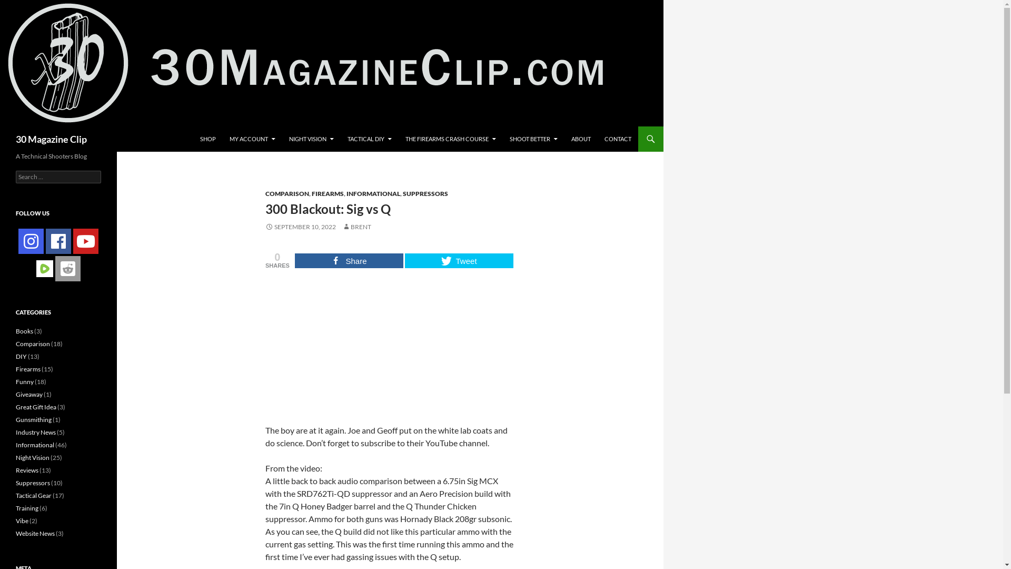 The image size is (1011, 569). What do you see at coordinates (287, 193) in the screenshot?
I see `'COMPARISON'` at bounding box center [287, 193].